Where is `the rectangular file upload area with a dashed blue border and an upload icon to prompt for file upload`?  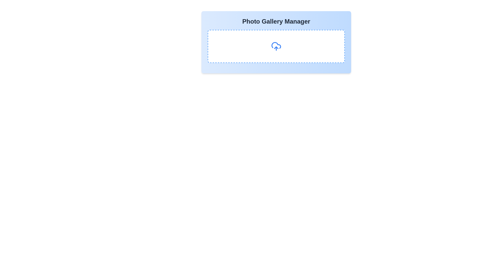
the rectangular file upload area with a dashed blue border and an upload icon to prompt for file upload is located at coordinates (276, 46).